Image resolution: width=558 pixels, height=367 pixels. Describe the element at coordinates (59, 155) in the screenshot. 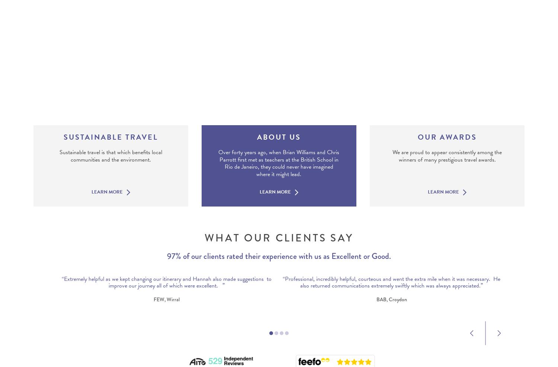

I see `'Sustainable travel is that which benefits local communities and the environment.'` at that location.